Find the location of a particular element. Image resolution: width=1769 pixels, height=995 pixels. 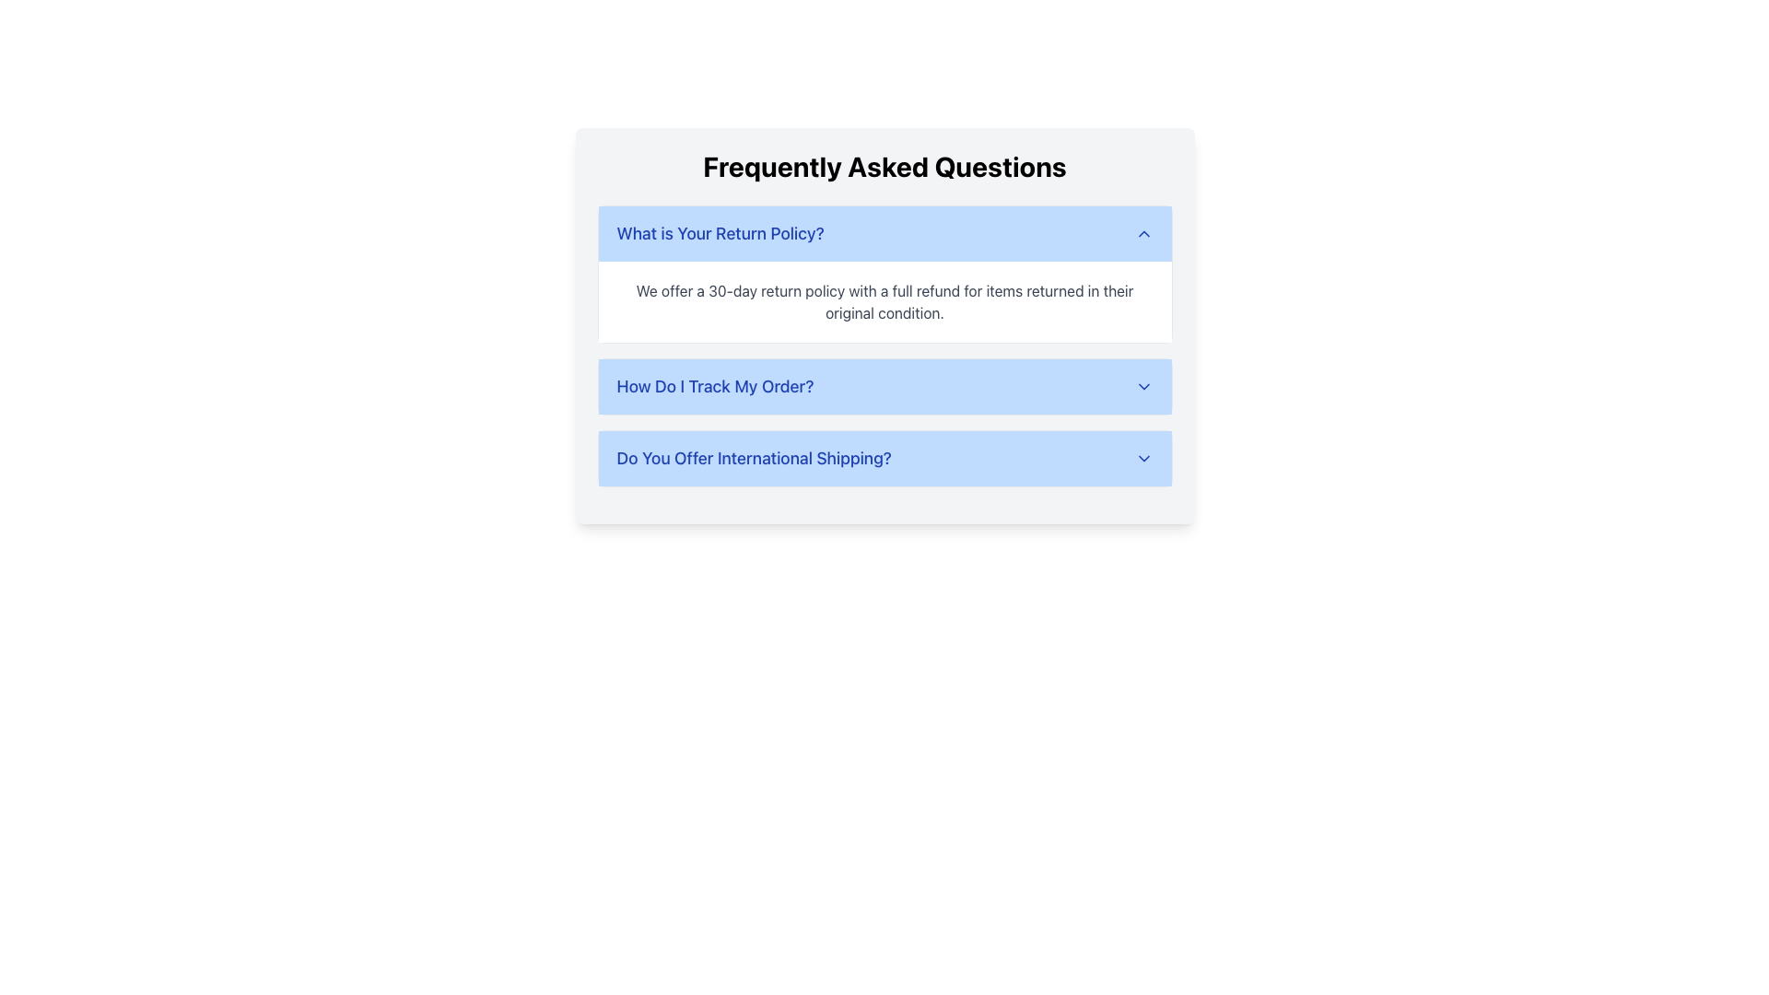

the Text Label for the FAQ item related to order tracking is located at coordinates (714, 386).